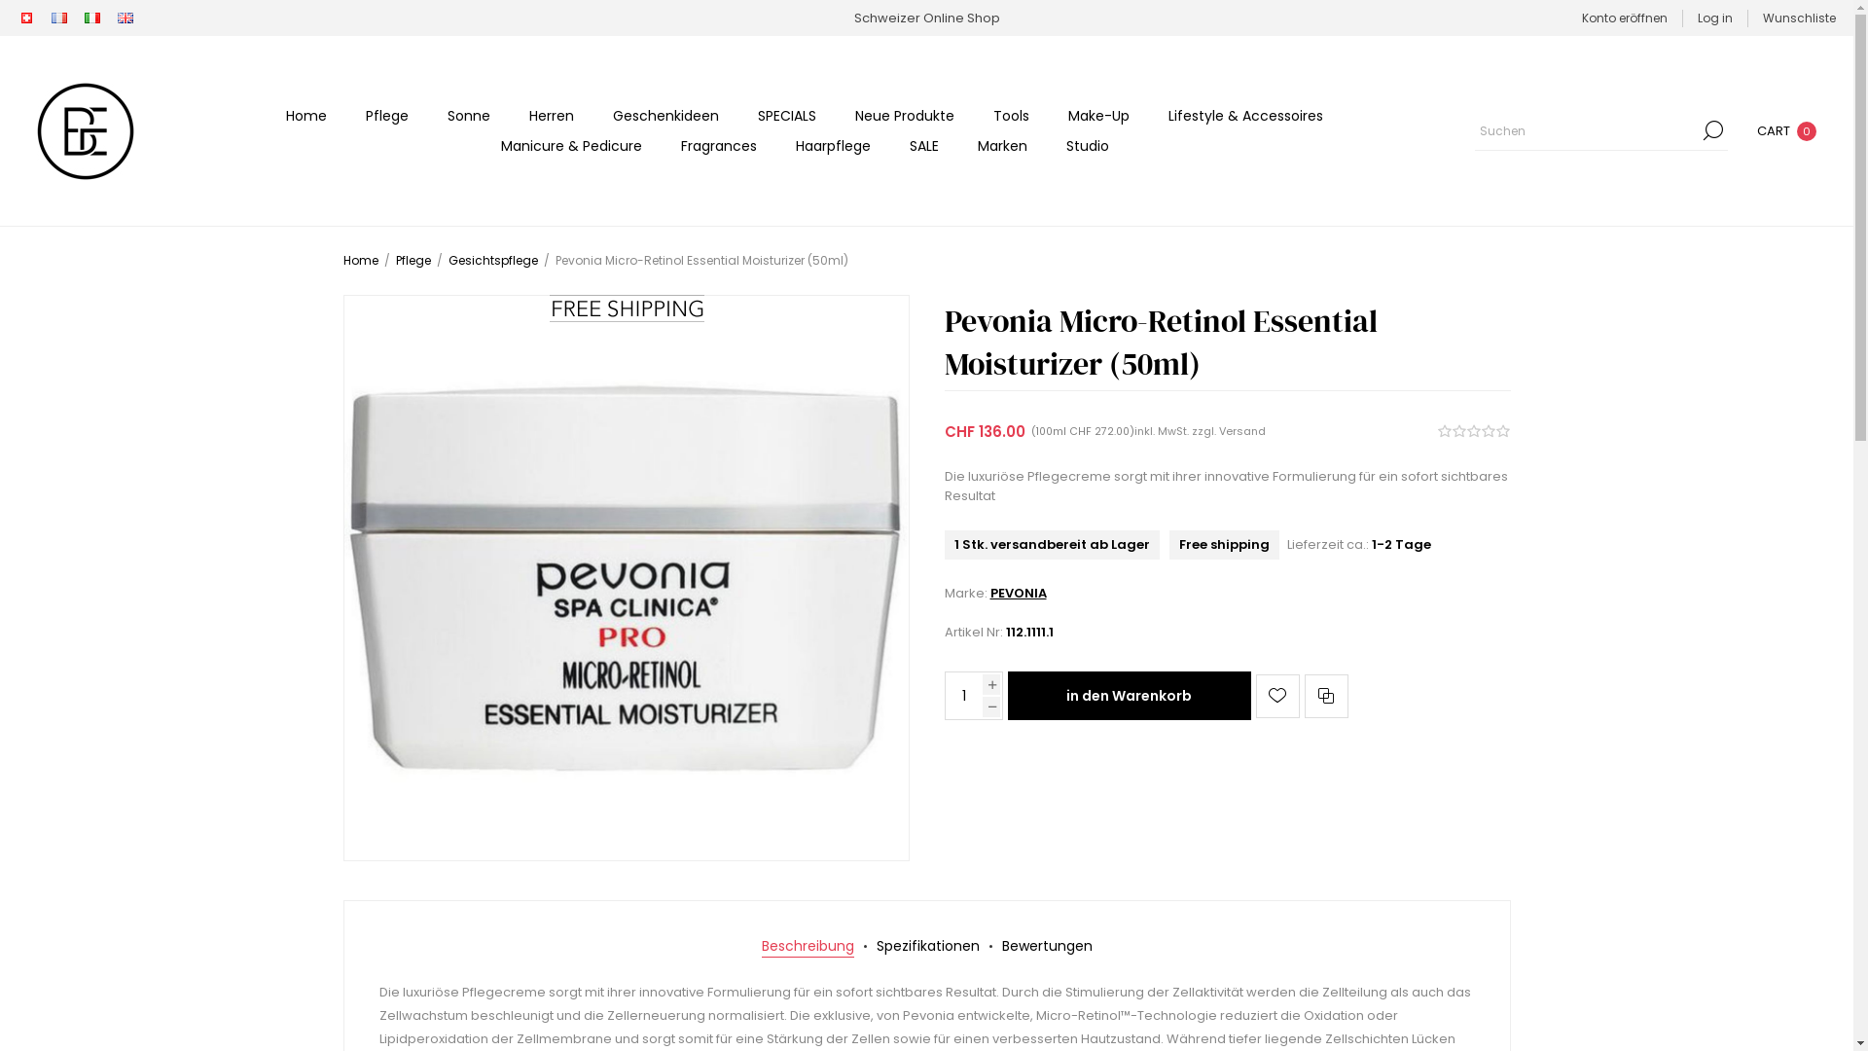 The height and width of the screenshot is (1051, 1868). I want to click on 'Home', so click(305, 116).